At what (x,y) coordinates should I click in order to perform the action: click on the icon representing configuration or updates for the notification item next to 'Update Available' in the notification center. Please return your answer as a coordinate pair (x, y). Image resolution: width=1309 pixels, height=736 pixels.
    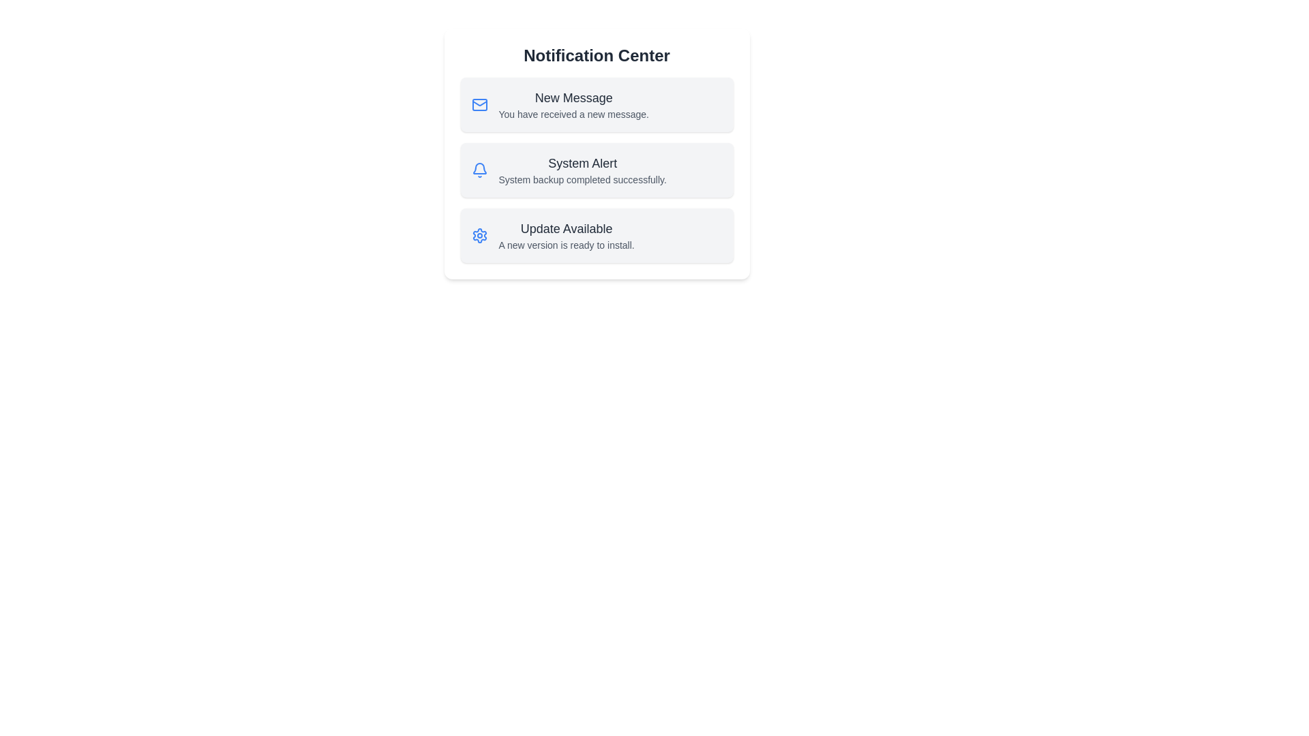
    Looking at the image, I should click on (479, 235).